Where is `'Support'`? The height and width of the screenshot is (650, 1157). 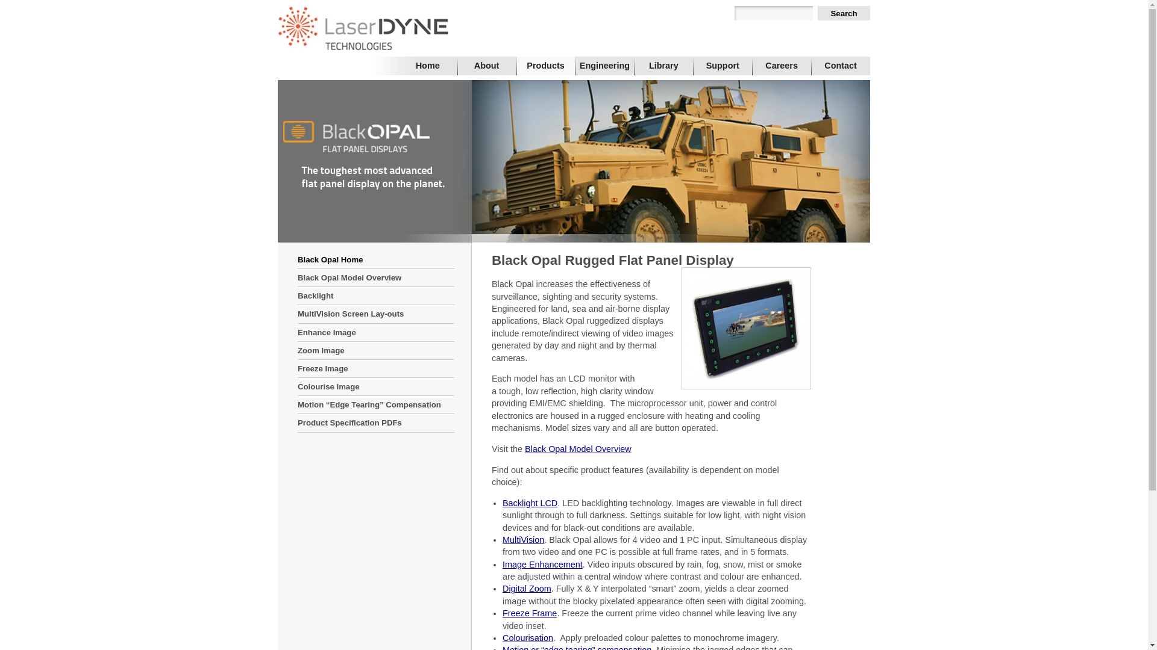
'Support' is located at coordinates (723, 66).